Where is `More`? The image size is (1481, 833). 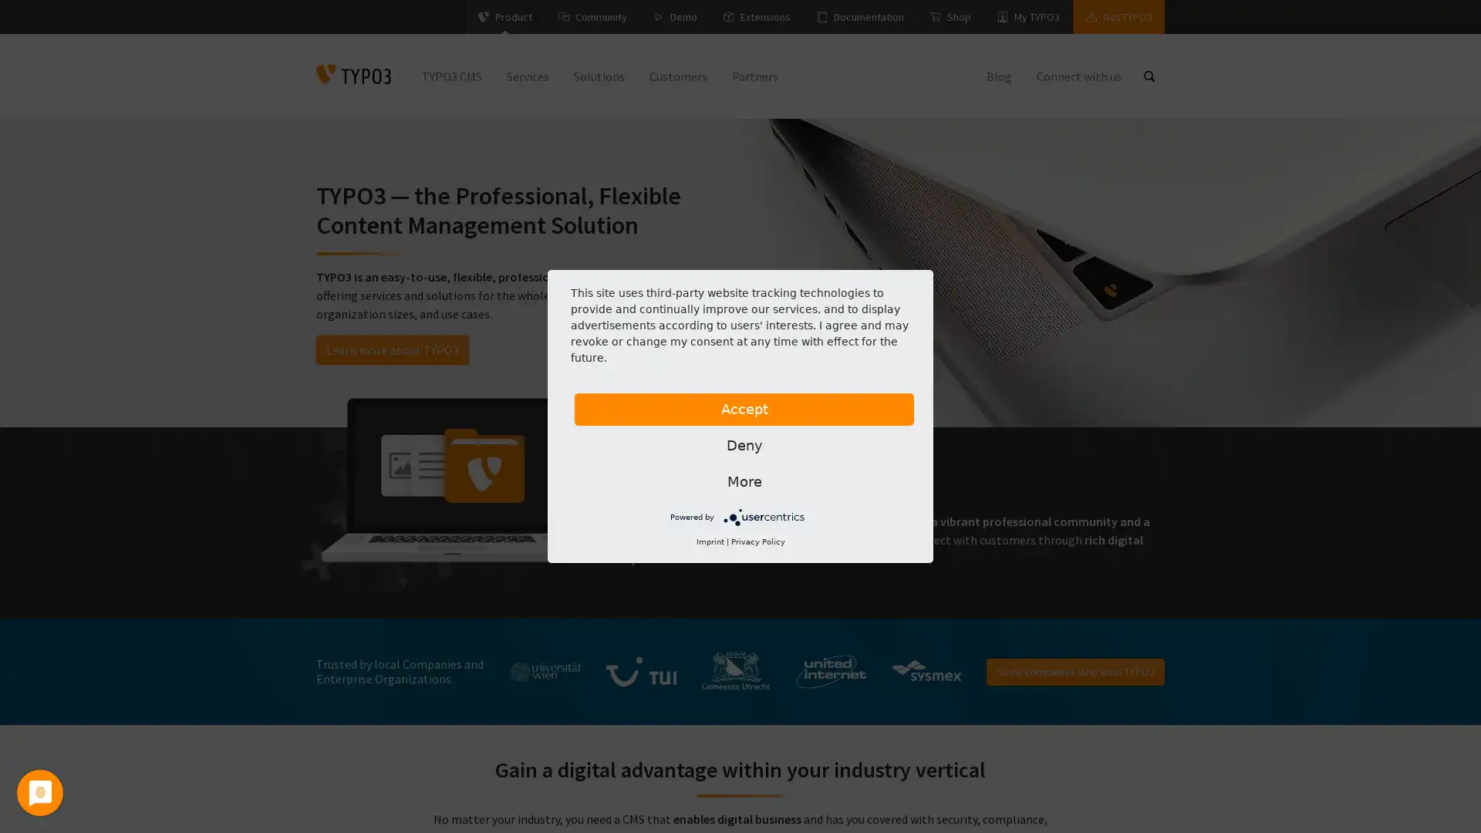 More is located at coordinates (744, 481).